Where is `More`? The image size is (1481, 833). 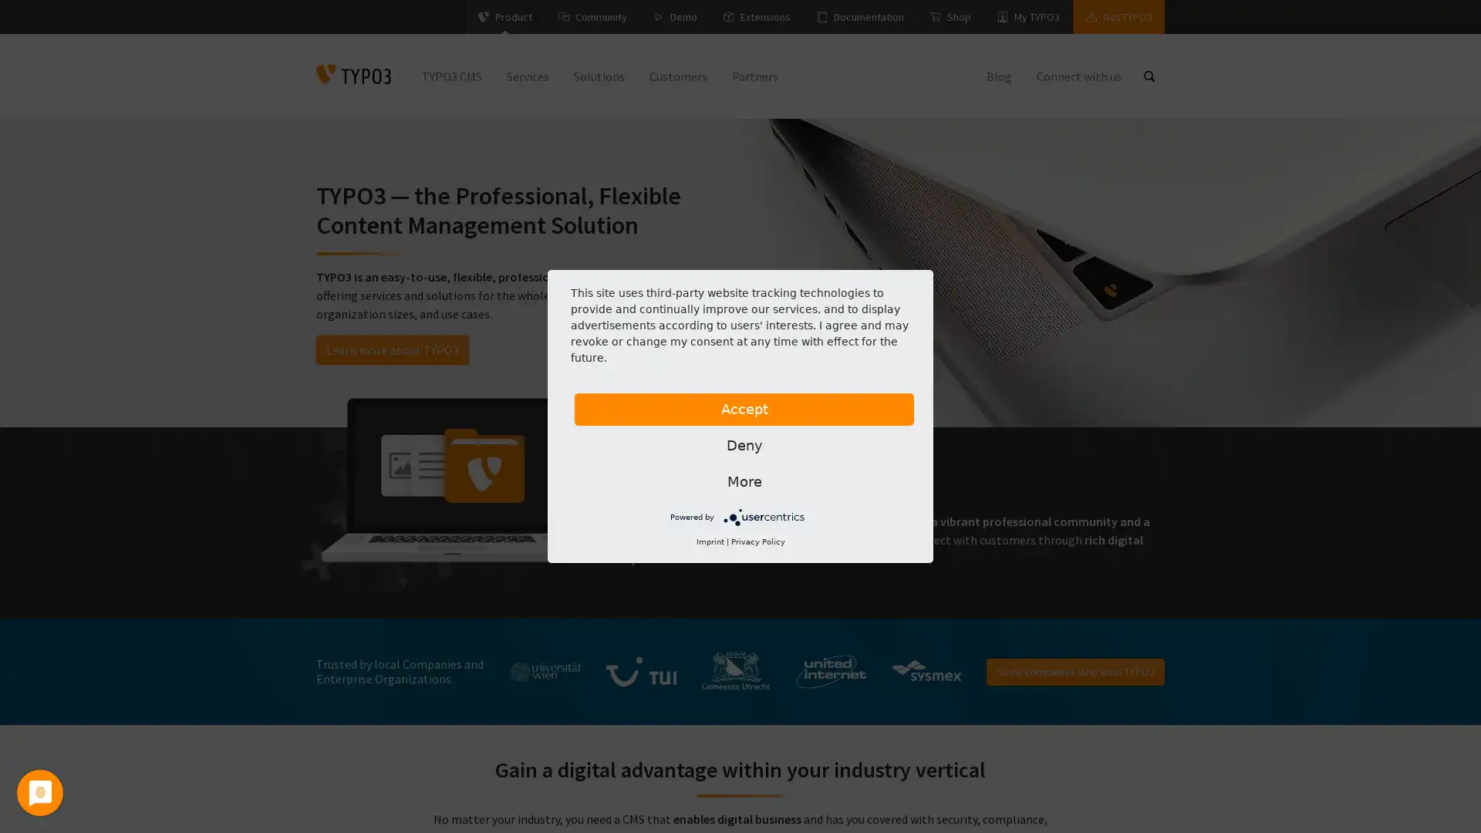 More is located at coordinates (744, 481).